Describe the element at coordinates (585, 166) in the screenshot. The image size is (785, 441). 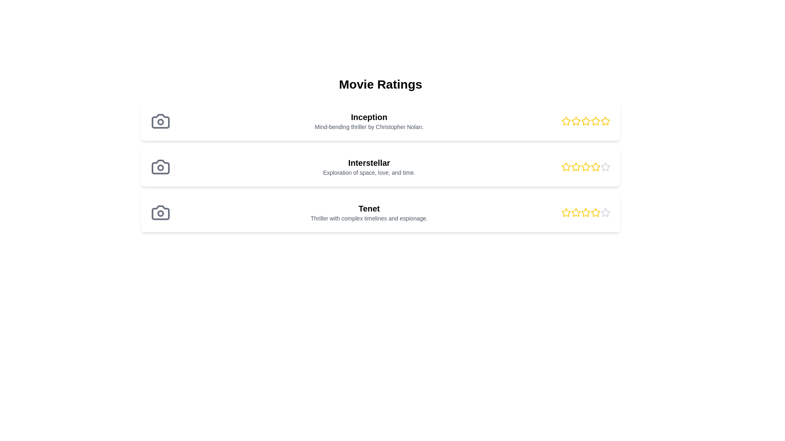
I see `the third yellow star icon in the 'Interstellar' section of the rating section` at that location.